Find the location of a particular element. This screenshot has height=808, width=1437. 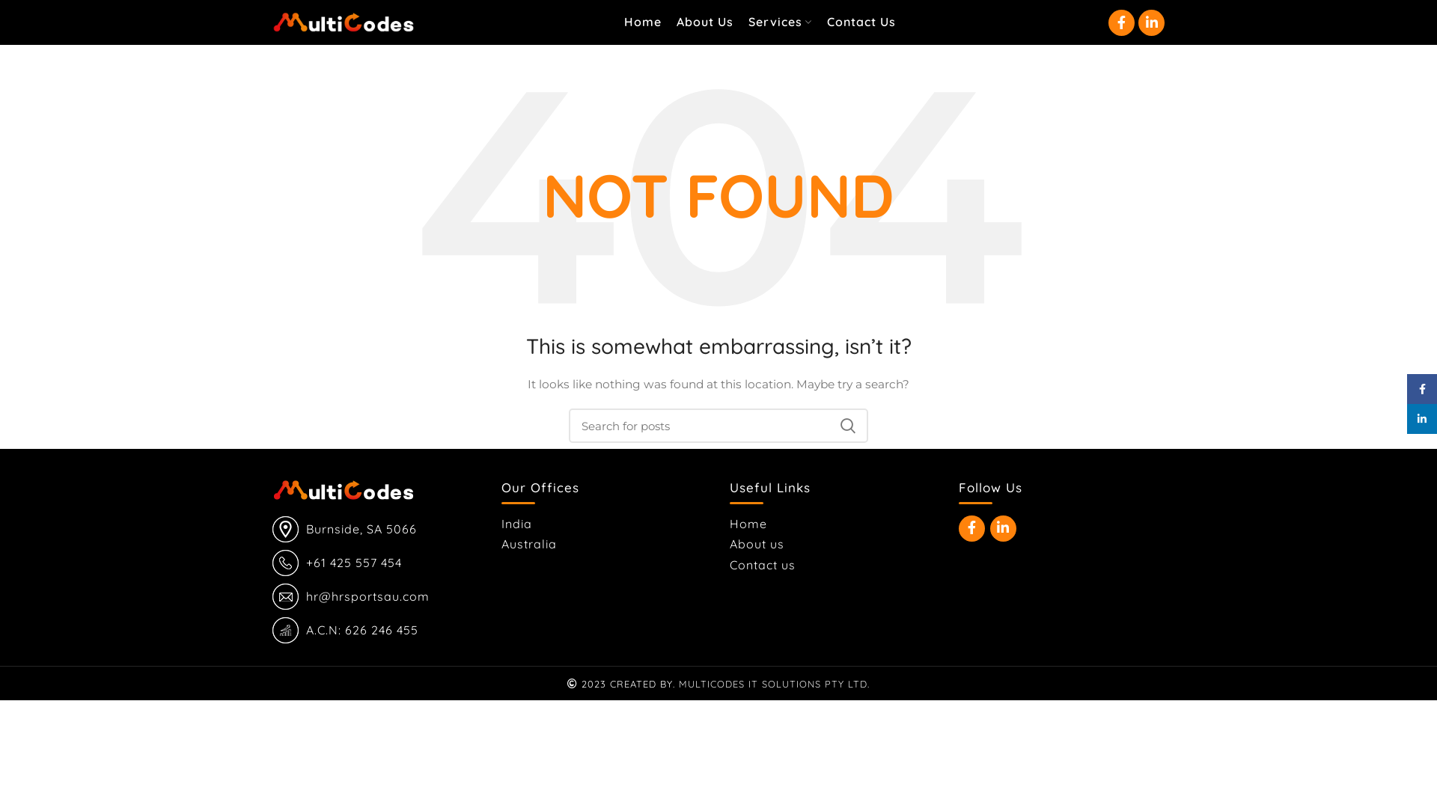

'India' is located at coordinates (501, 522).